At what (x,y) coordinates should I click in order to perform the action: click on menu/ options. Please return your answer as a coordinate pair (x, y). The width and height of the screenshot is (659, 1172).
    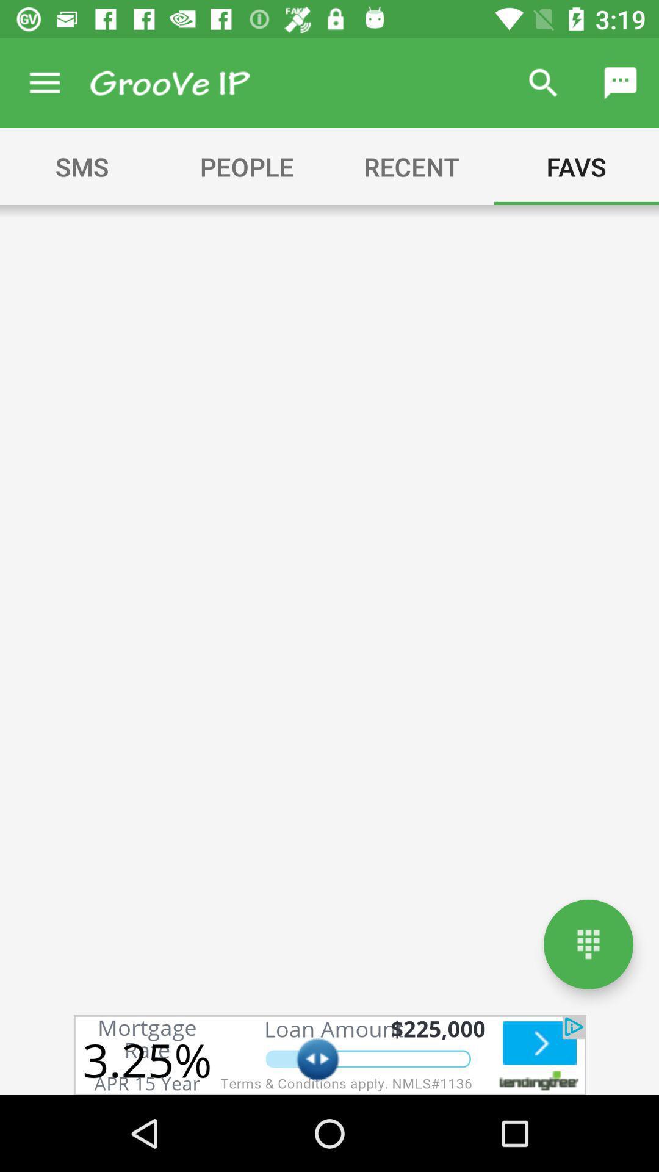
    Looking at the image, I should click on (588, 944).